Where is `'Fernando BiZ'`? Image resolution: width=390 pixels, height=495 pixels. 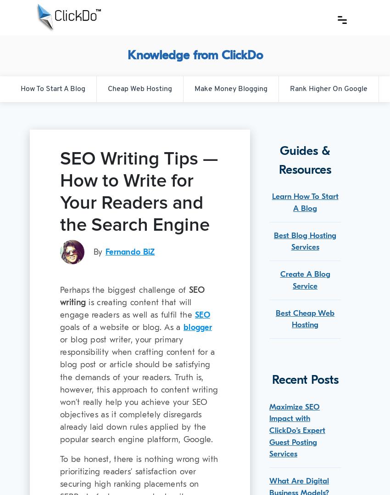 'Fernando BiZ' is located at coordinates (129, 251).